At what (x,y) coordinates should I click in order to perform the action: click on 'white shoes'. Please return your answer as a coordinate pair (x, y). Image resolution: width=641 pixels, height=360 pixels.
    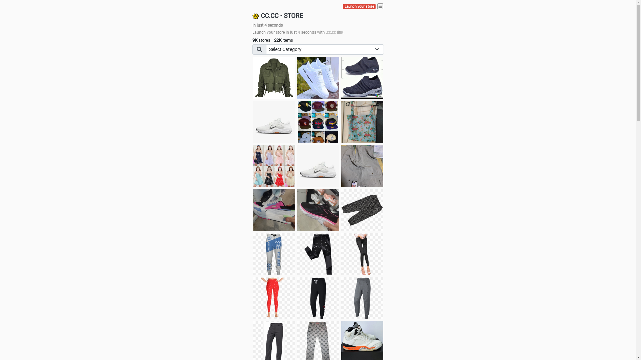
    Looking at the image, I should click on (318, 78).